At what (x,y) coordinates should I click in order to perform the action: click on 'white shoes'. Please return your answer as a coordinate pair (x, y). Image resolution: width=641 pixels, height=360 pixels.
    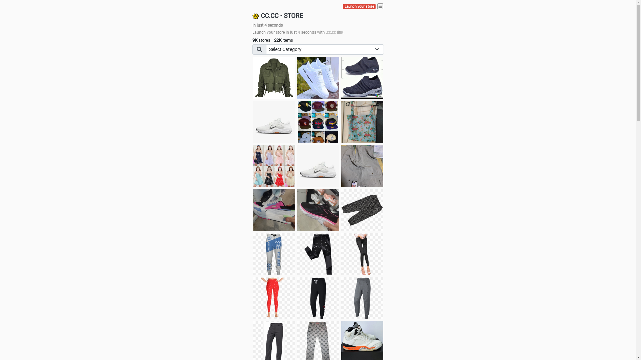
    Looking at the image, I should click on (318, 78).